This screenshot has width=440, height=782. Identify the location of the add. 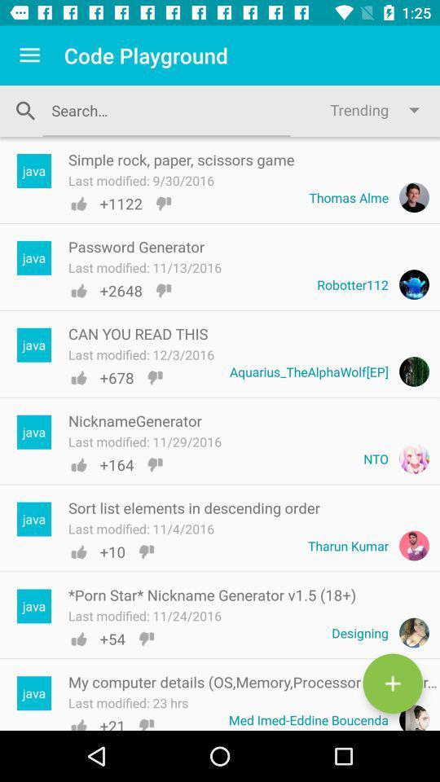
(392, 683).